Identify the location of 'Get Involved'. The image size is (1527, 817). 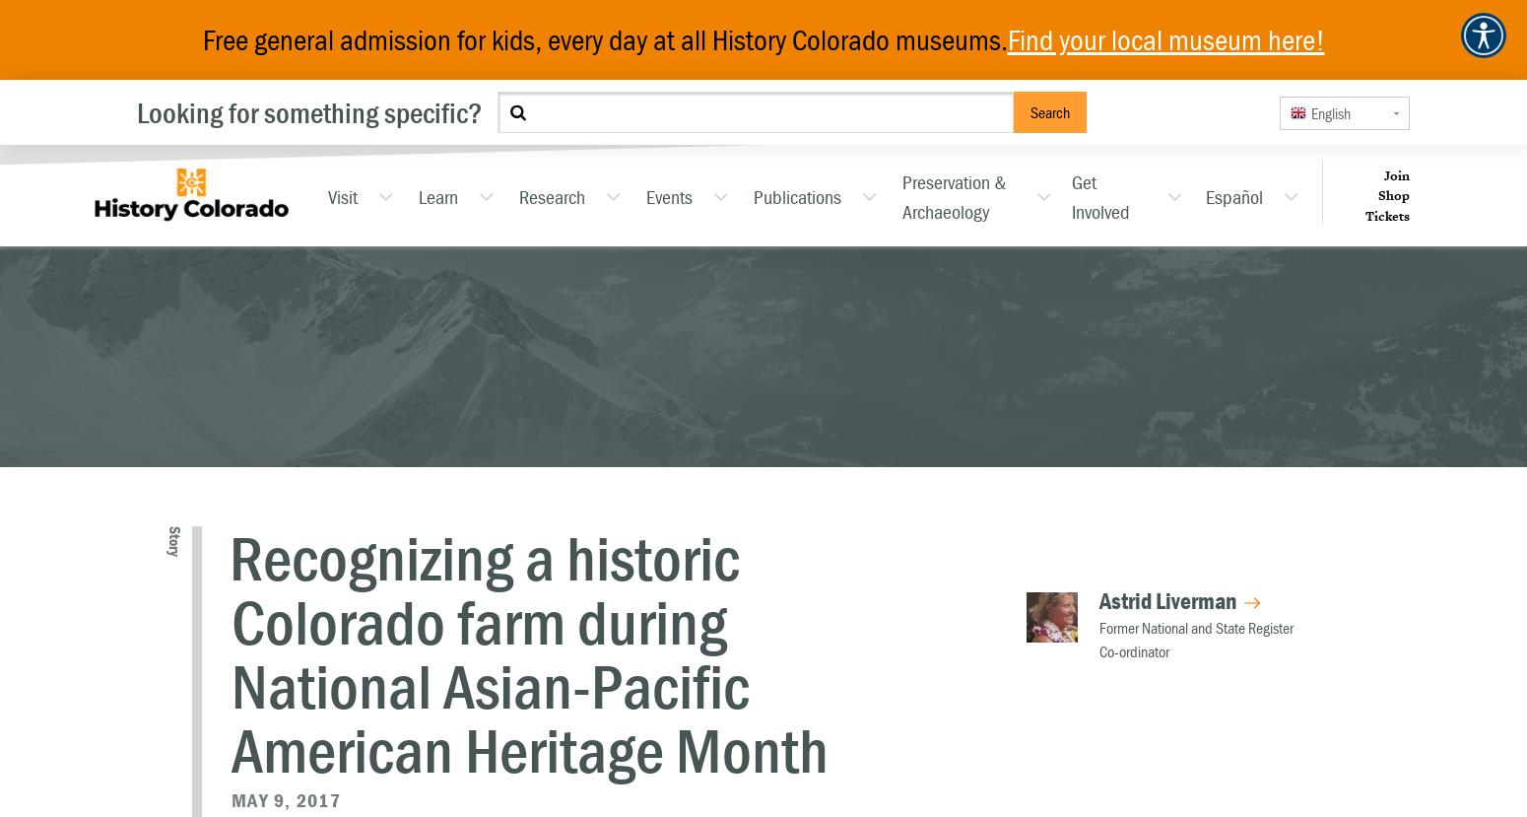
(1098, 195).